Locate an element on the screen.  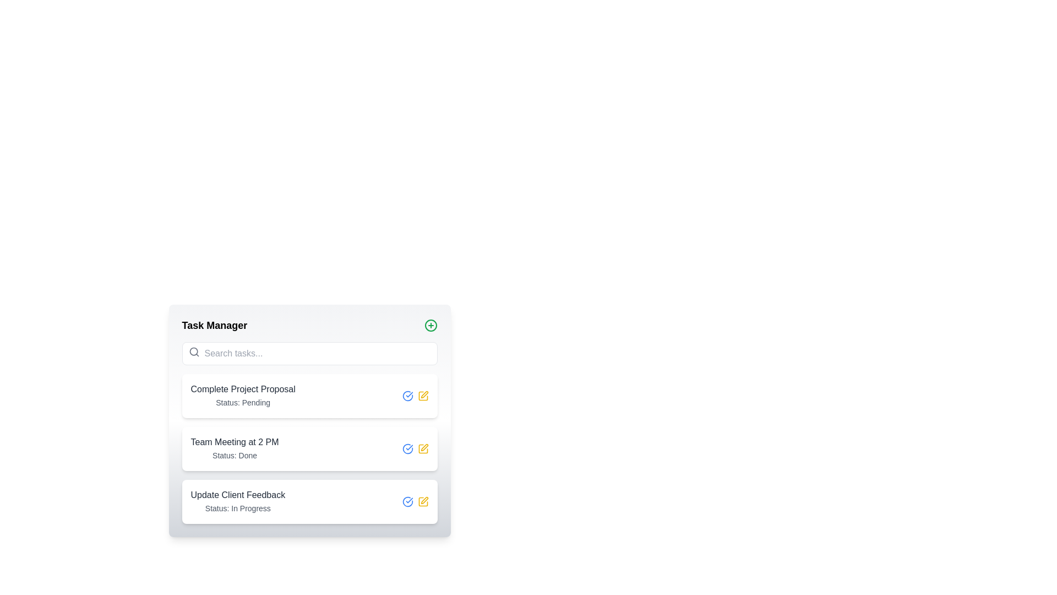
the Edit Pen Icon located in the top-right section of the interactive icon list to initiate editing task details is located at coordinates (424, 394).